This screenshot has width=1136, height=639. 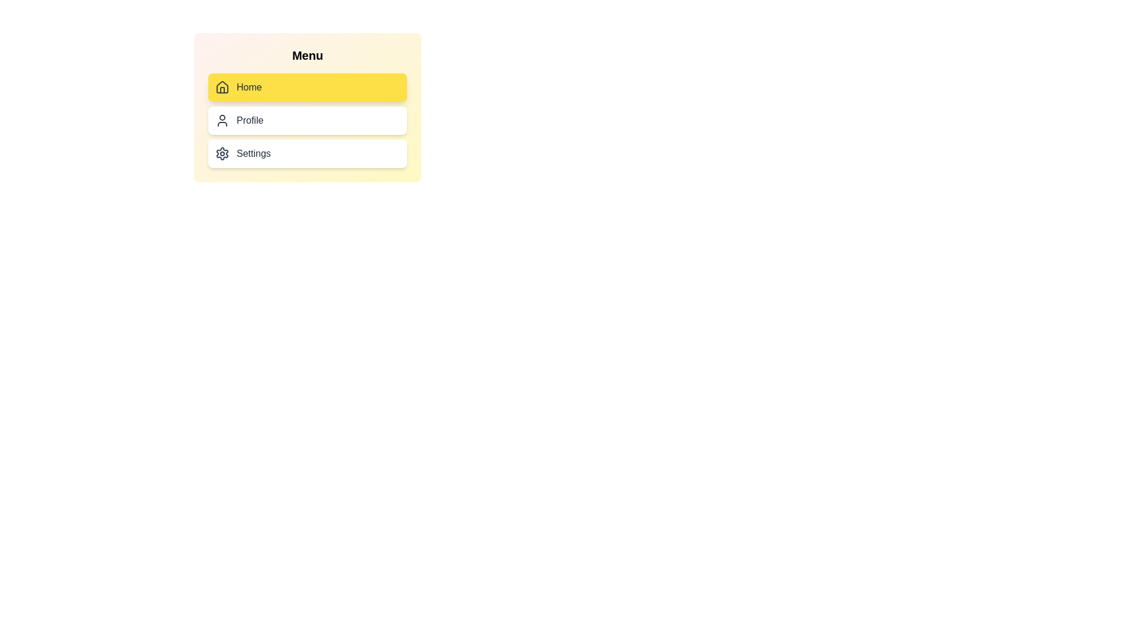 What do you see at coordinates (307, 121) in the screenshot?
I see `the navigation menu item Profile by clicking on it` at bounding box center [307, 121].